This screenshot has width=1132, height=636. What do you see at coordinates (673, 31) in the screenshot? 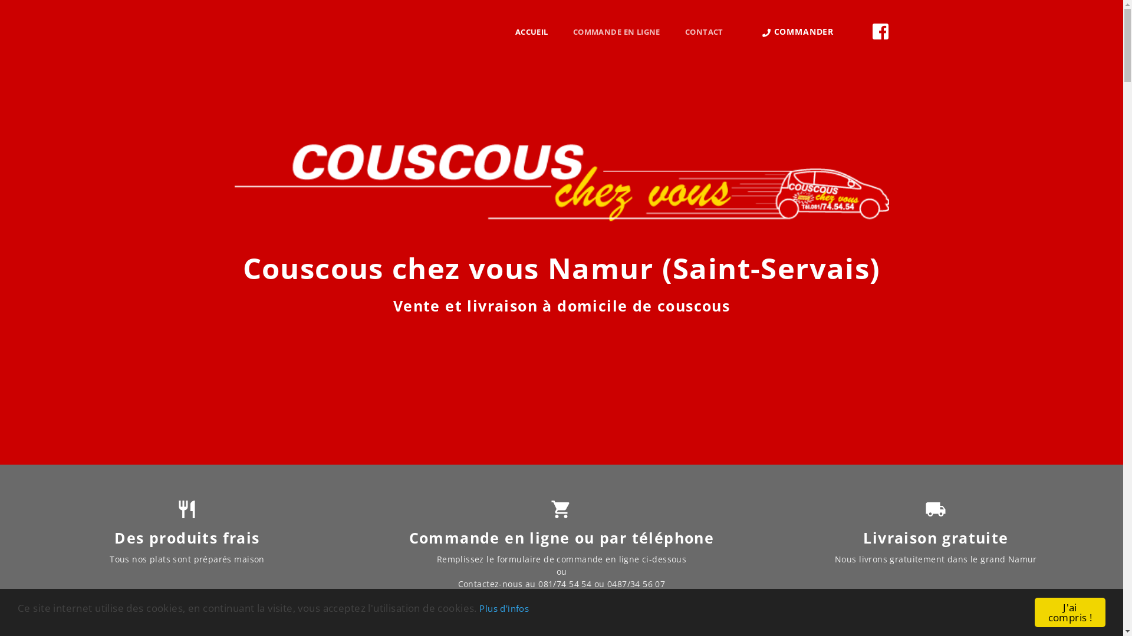
I see `'CONTACT'` at bounding box center [673, 31].